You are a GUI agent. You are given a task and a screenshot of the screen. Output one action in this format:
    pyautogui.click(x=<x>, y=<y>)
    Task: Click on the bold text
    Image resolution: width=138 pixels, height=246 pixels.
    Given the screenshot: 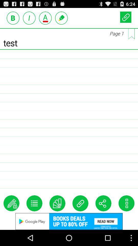 What is the action you would take?
    pyautogui.click(x=13, y=18)
    